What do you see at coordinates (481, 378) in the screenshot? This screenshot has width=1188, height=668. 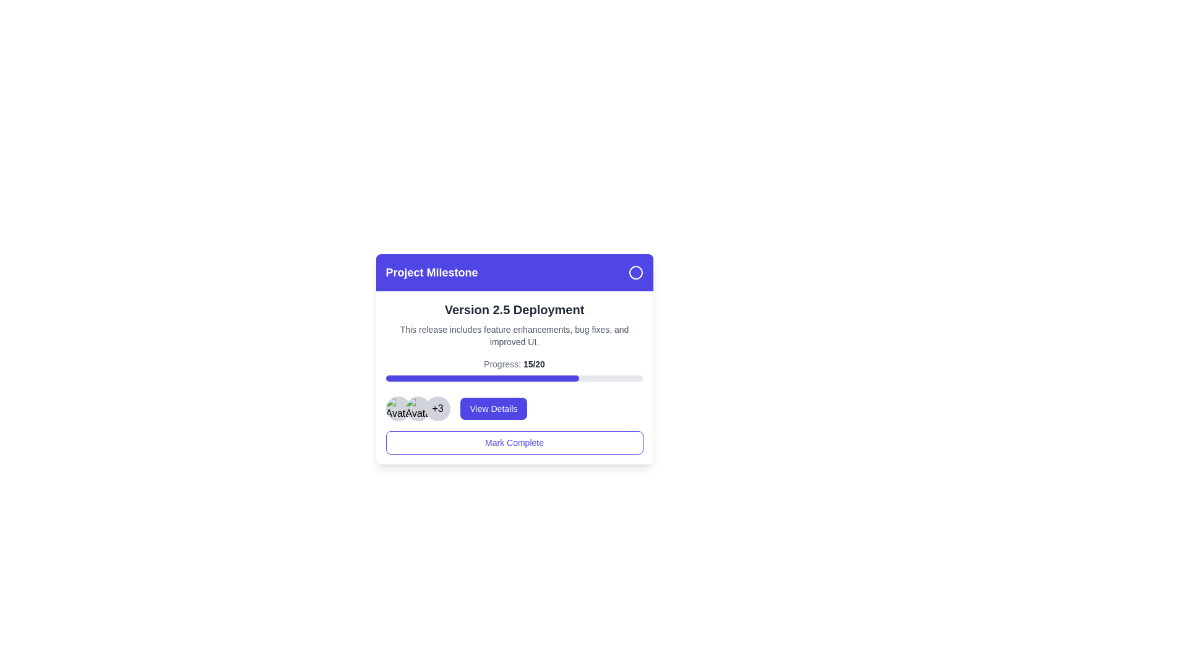 I see `the filled section of the progress bar that visually indicates 75% completion, located below the text 'Progress: 15/20' in the 'Project Milestone' section` at bounding box center [481, 378].